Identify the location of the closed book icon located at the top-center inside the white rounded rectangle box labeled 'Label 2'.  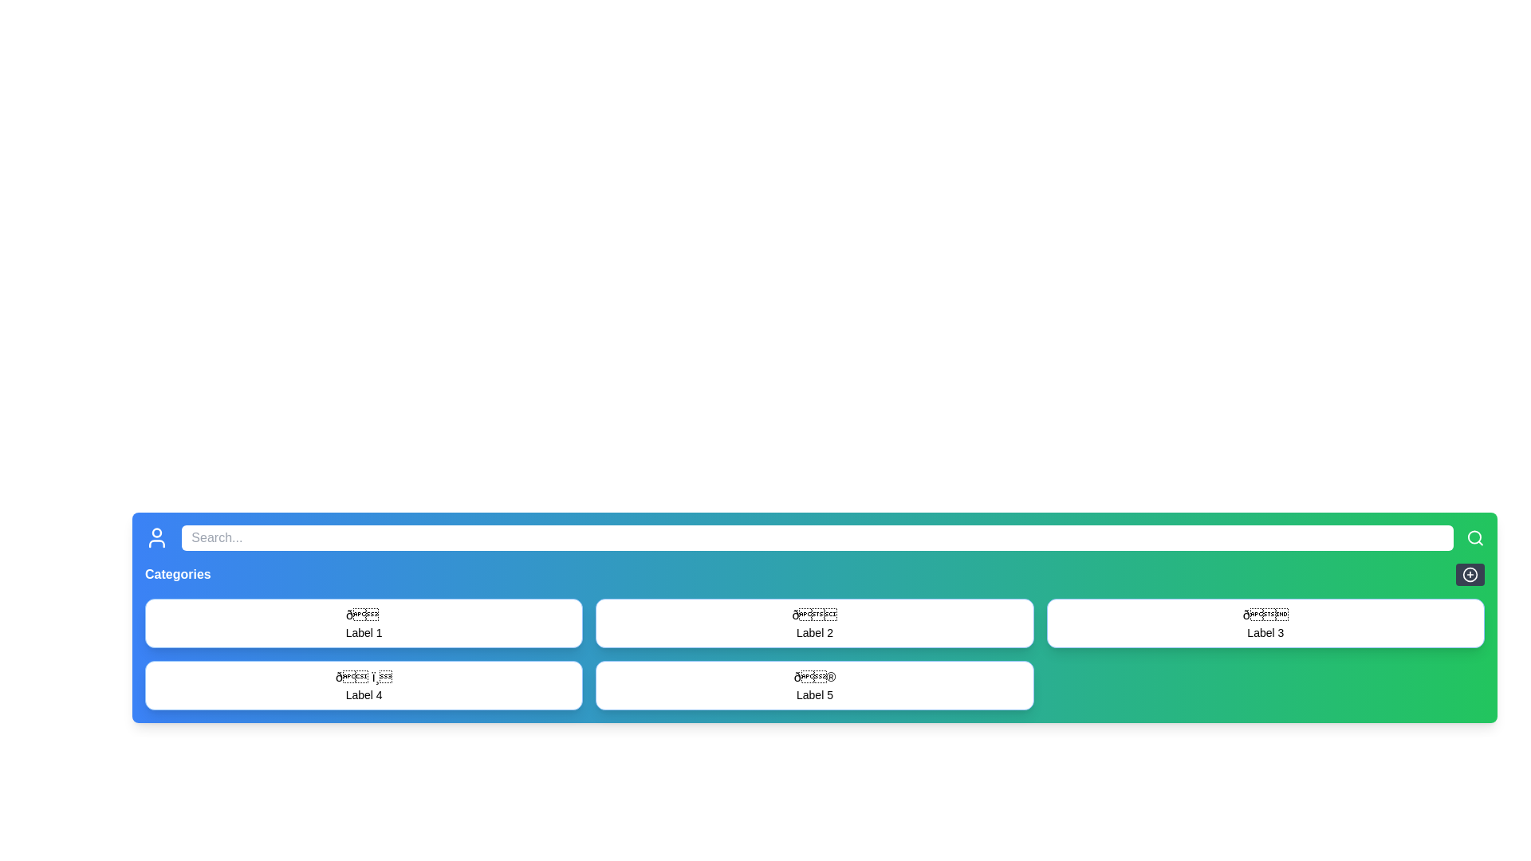
(815, 614).